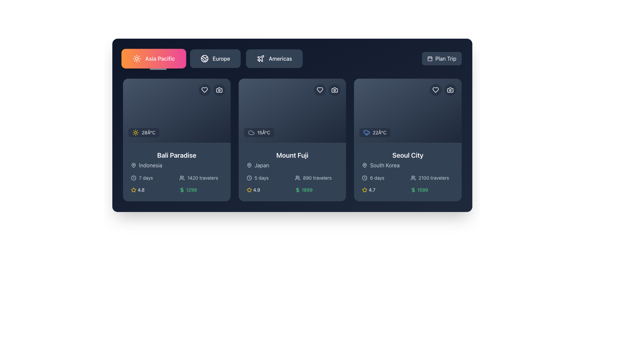  What do you see at coordinates (364, 177) in the screenshot?
I see `the clock icon indicating the trip duration of '6 days' located to the left of the text within the 'Seoul City' card` at bounding box center [364, 177].